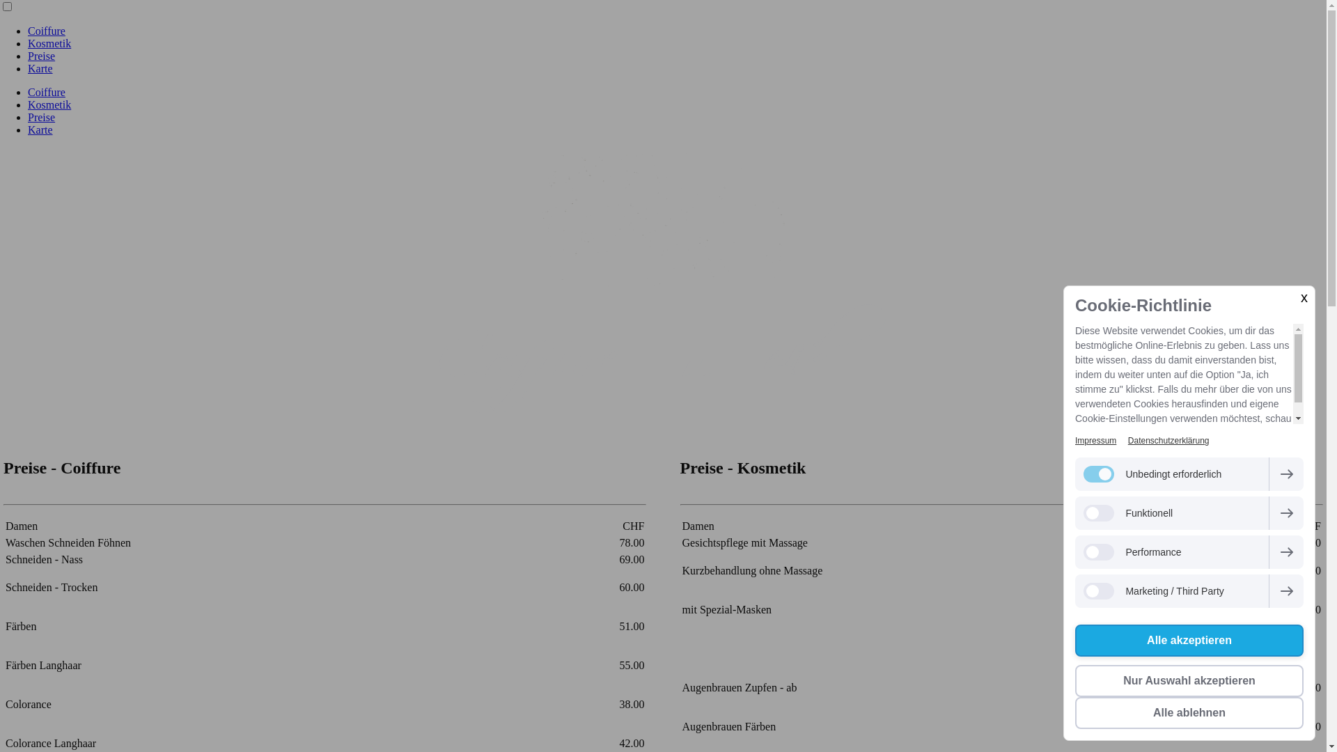 Image resolution: width=1337 pixels, height=752 pixels. What do you see at coordinates (1074, 440) in the screenshot?
I see `'Impressum'` at bounding box center [1074, 440].